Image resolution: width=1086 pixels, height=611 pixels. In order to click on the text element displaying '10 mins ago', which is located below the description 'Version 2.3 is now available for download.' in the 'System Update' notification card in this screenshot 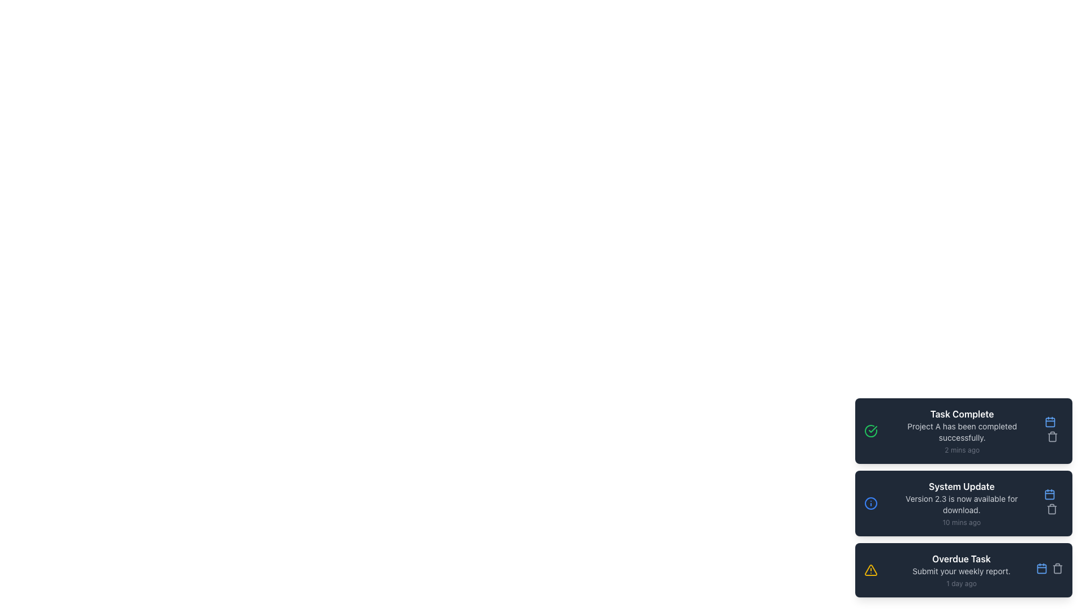, I will do `click(961, 523)`.